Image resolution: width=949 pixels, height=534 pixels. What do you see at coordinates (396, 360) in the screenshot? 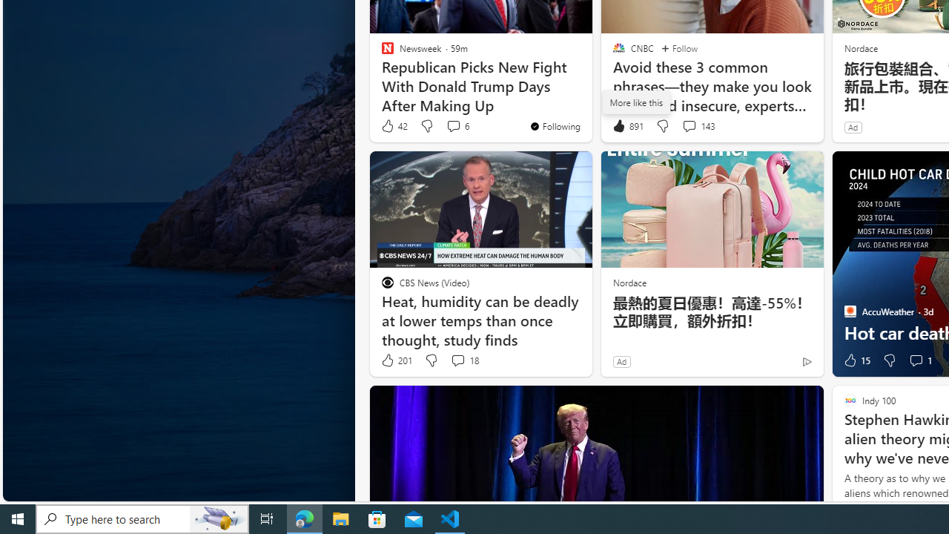
I see `'201 Like'` at bounding box center [396, 360].